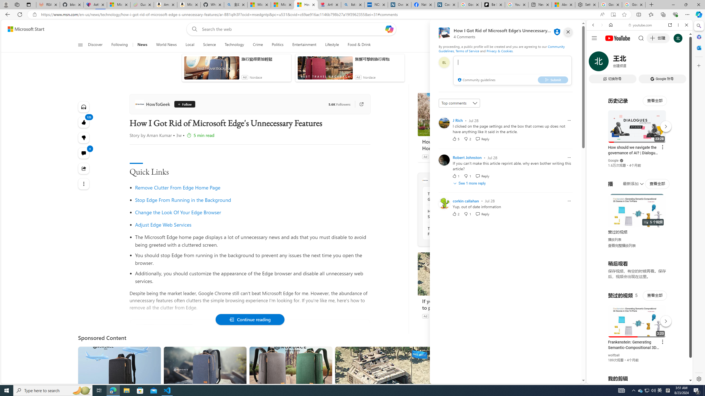  Describe the element at coordinates (611, 24) in the screenshot. I see `'Home'` at that location.